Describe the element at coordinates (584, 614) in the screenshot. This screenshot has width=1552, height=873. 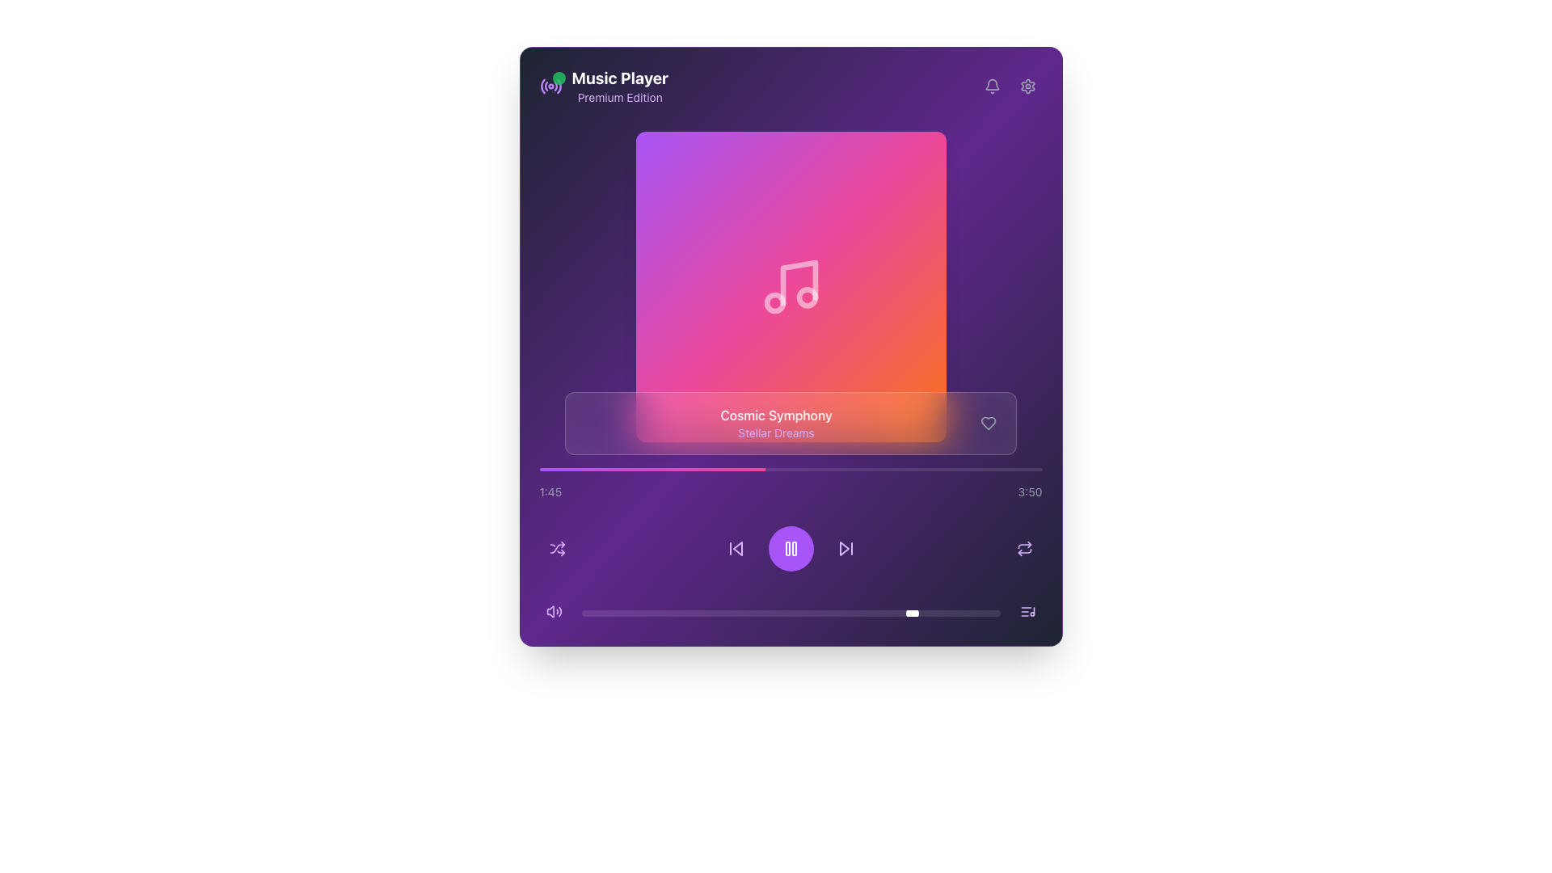
I see `volume` at that location.